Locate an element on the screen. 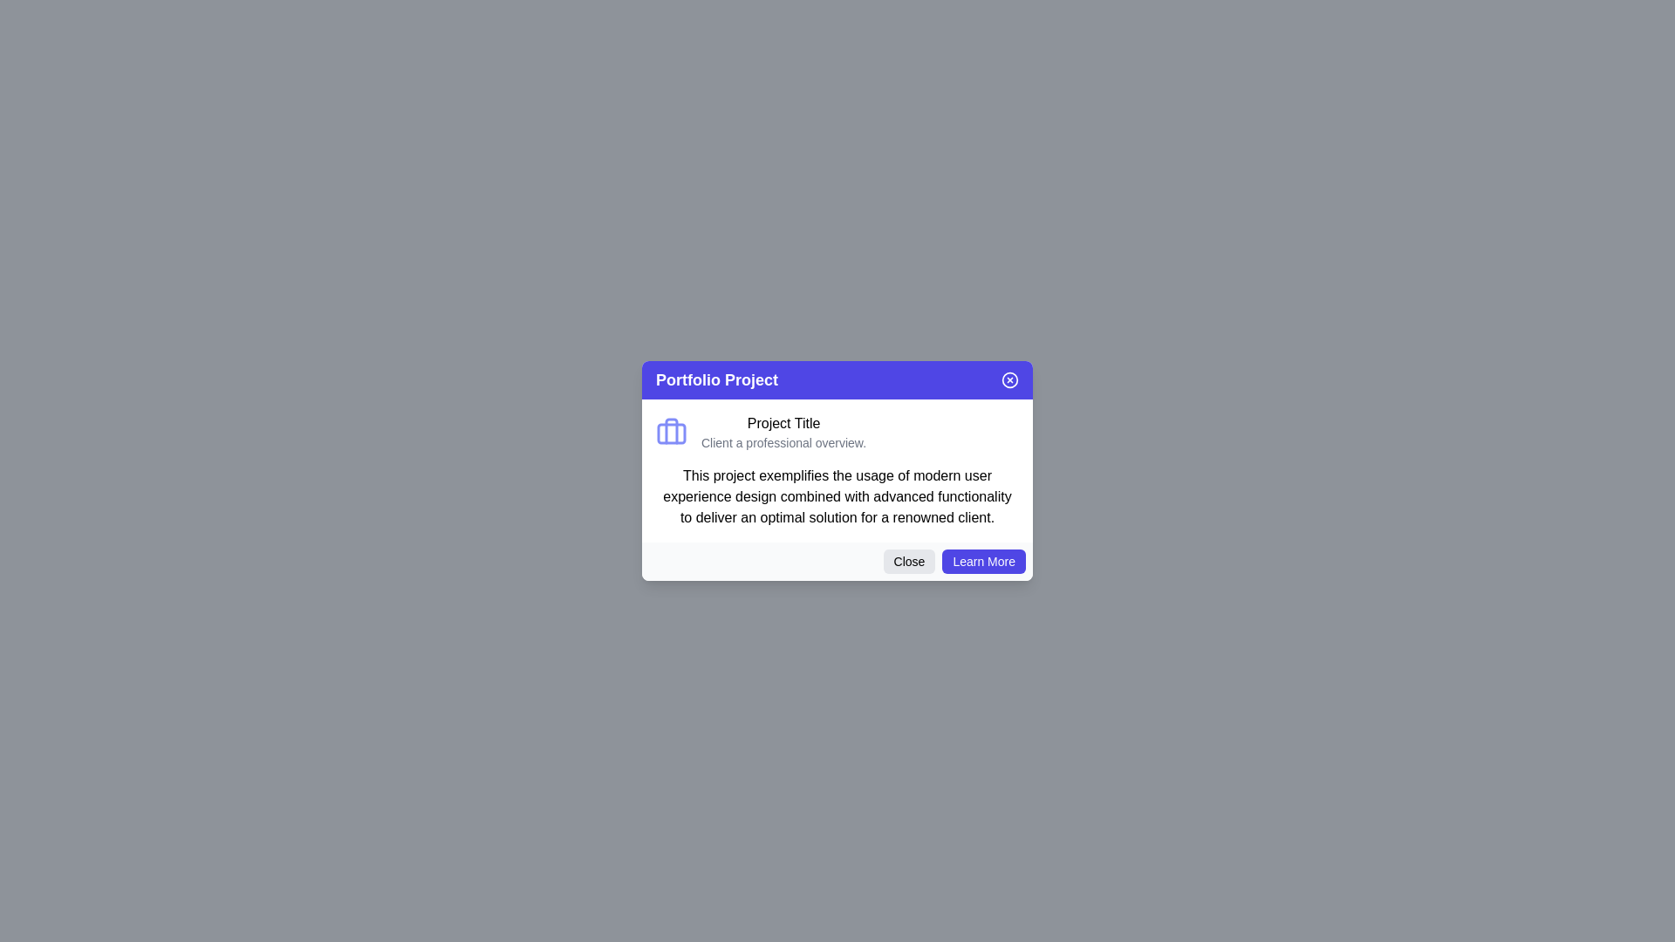 This screenshot has width=1675, height=942. informational text block located in the modal window below the 'Project Title' and its subtitle to gain project details is located at coordinates (837, 497).